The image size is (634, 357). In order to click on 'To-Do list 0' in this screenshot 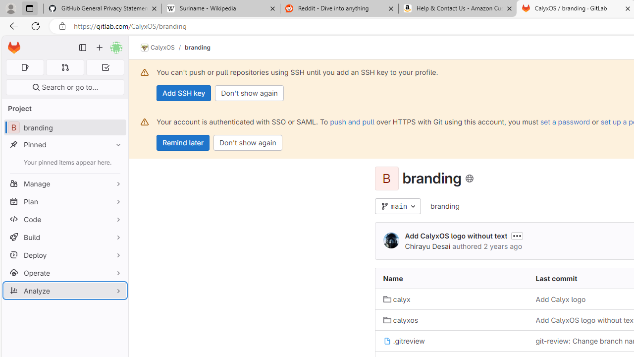, I will do `click(105, 67)`.